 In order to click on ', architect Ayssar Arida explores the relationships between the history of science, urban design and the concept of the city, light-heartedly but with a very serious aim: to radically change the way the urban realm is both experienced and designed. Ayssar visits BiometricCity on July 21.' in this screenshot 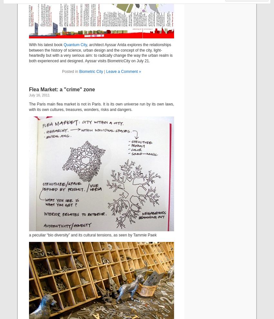, I will do `click(101, 52)`.